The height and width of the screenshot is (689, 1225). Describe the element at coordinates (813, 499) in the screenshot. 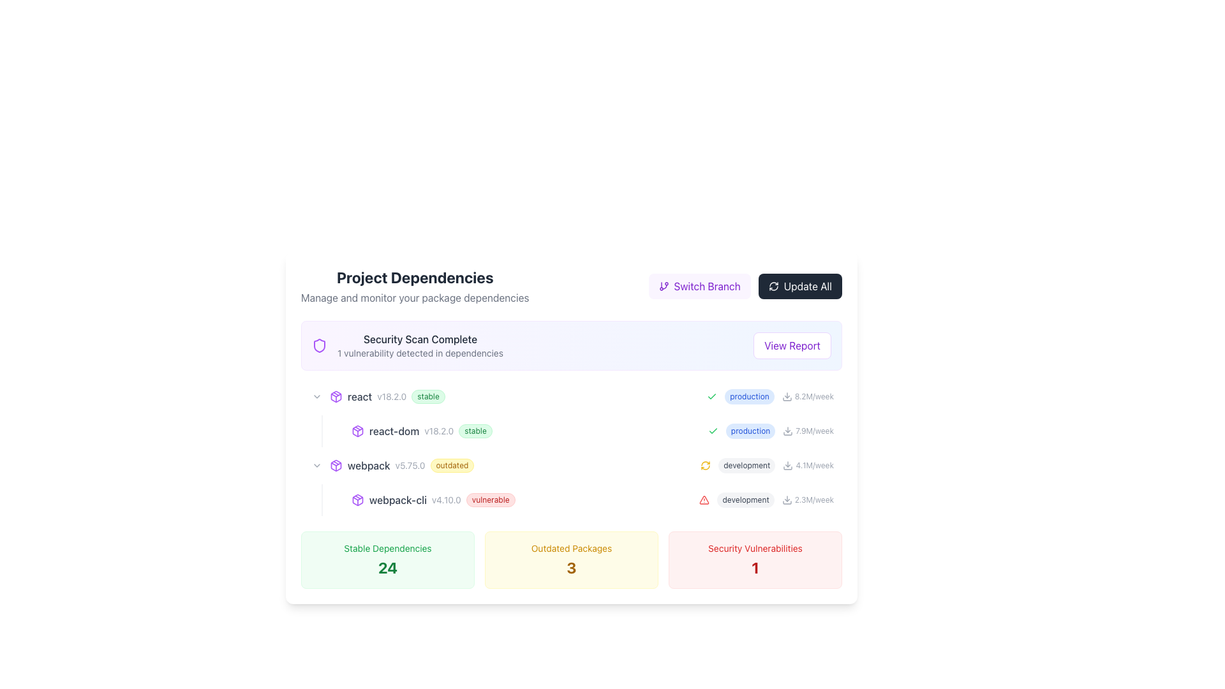

I see `information displayed in the small text label showing '2.3M/week' in light gray color, located in the 'Project Dependencies' section next to the download icon` at that location.